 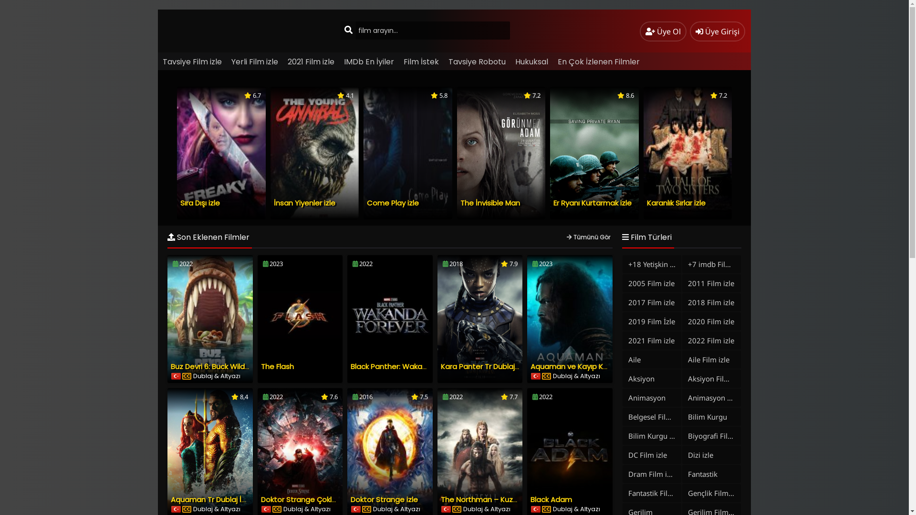 What do you see at coordinates (711, 321) in the screenshot?
I see `'2020 Film izle'` at bounding box center [711, 321].